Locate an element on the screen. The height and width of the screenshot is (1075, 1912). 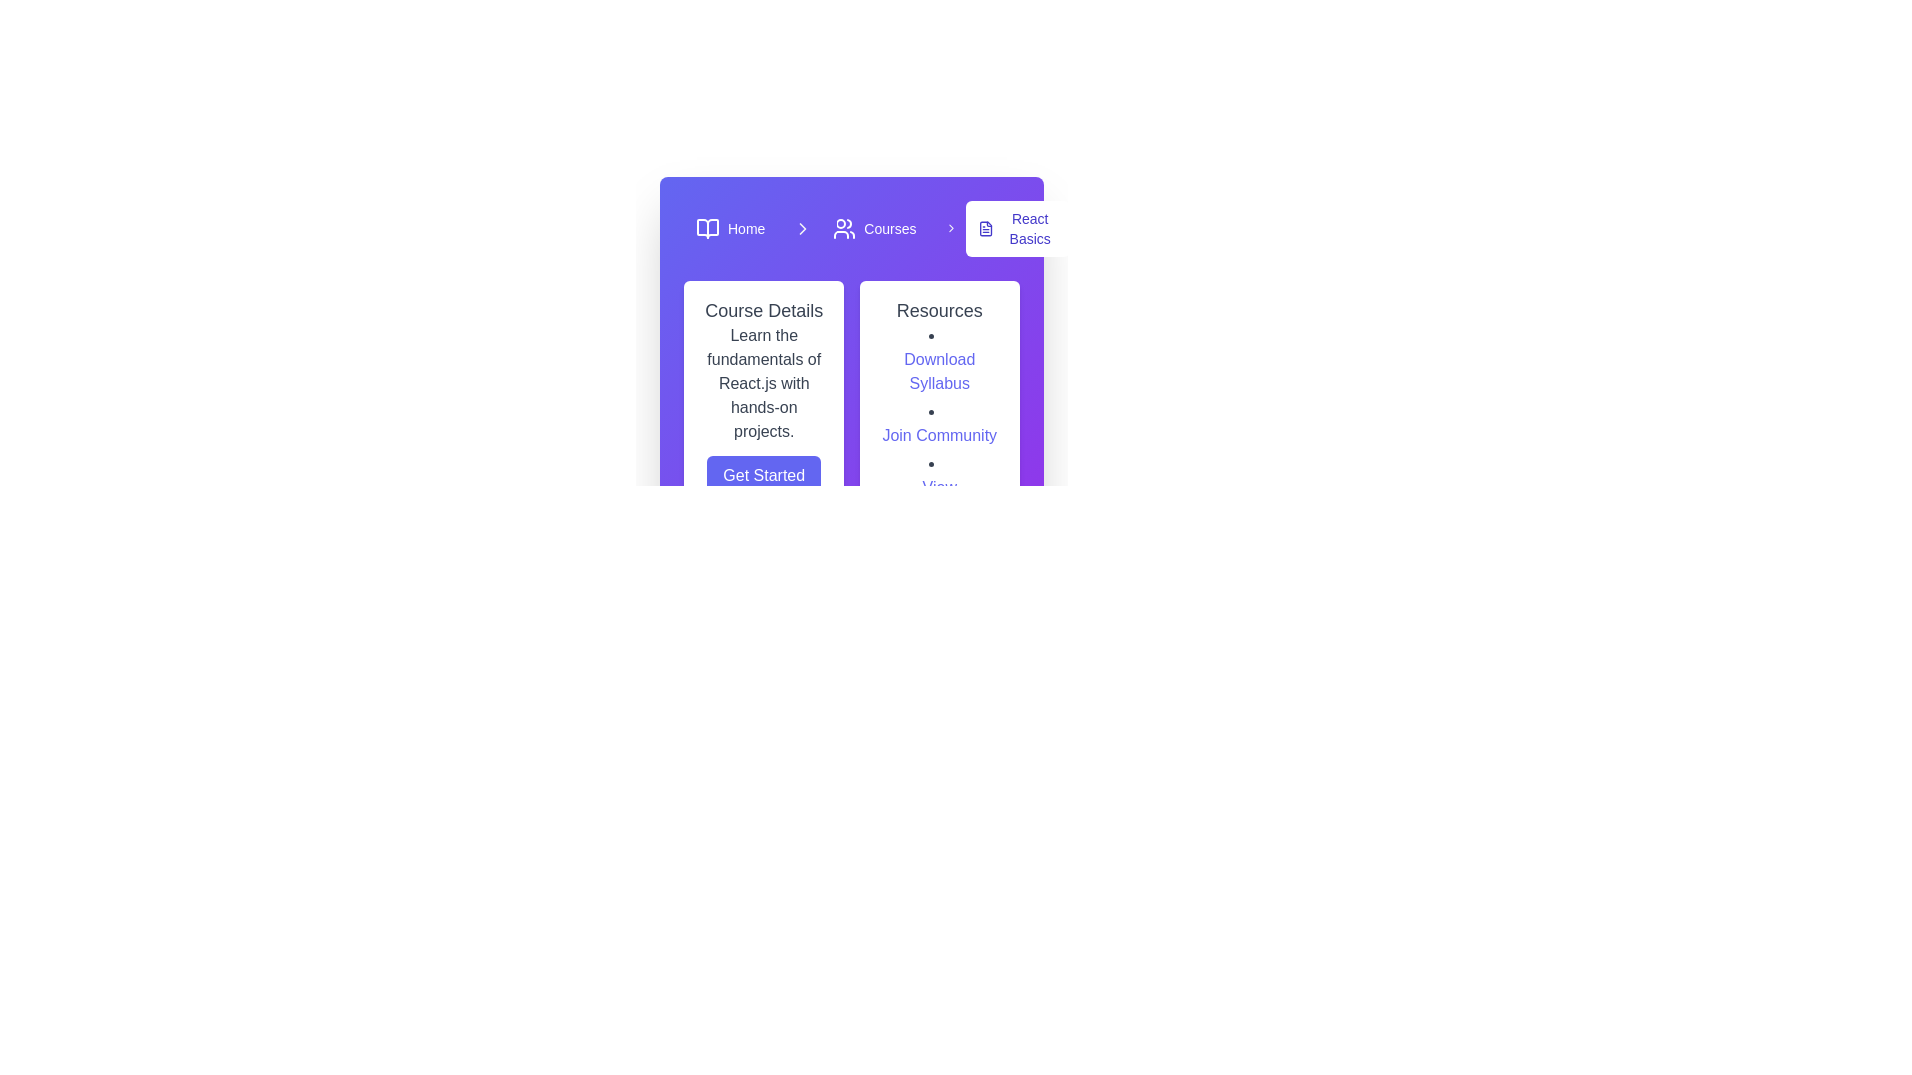
the vector graphic icon representing a file or document located at the top right section of the interface near the 'React Basics' breadcrumb is located at coordinates (986, 228).